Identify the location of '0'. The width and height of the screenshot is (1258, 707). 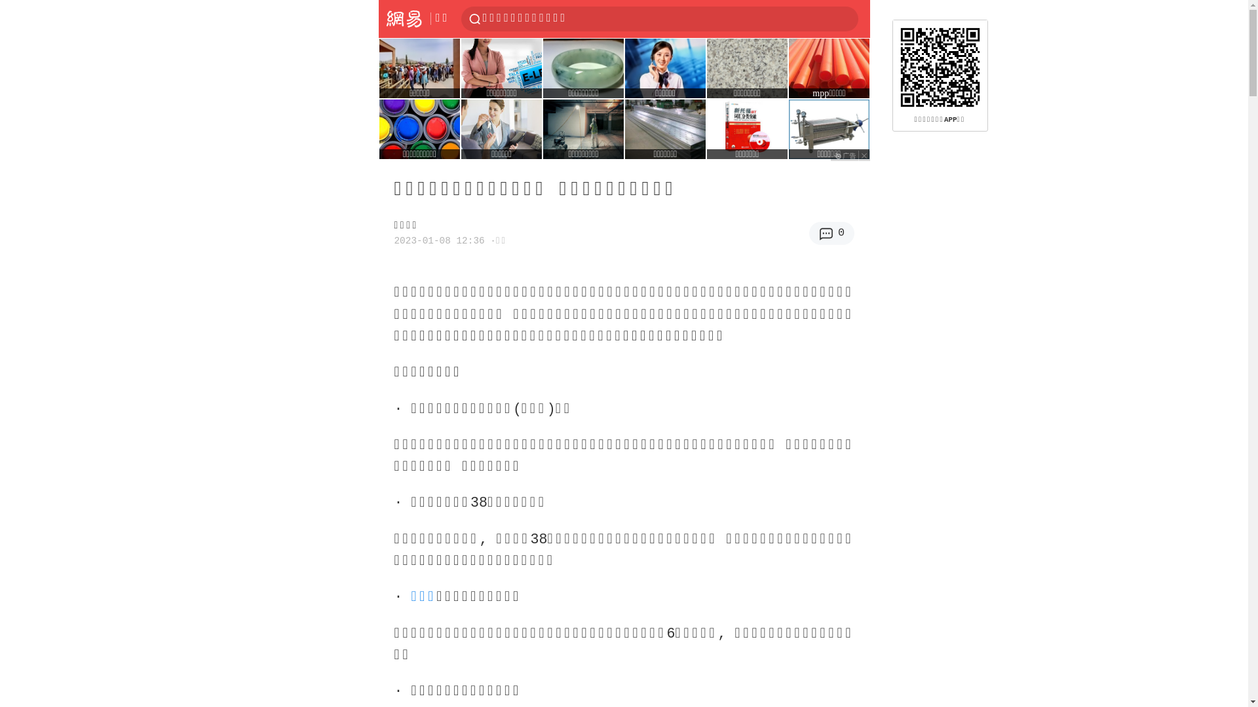
(808, 232).